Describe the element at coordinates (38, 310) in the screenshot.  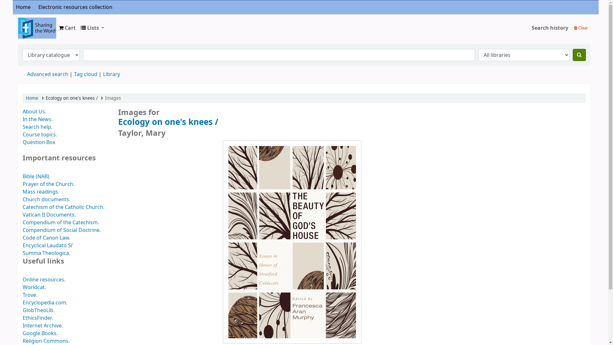
I see `'GlobTheoLib.'` at that location.